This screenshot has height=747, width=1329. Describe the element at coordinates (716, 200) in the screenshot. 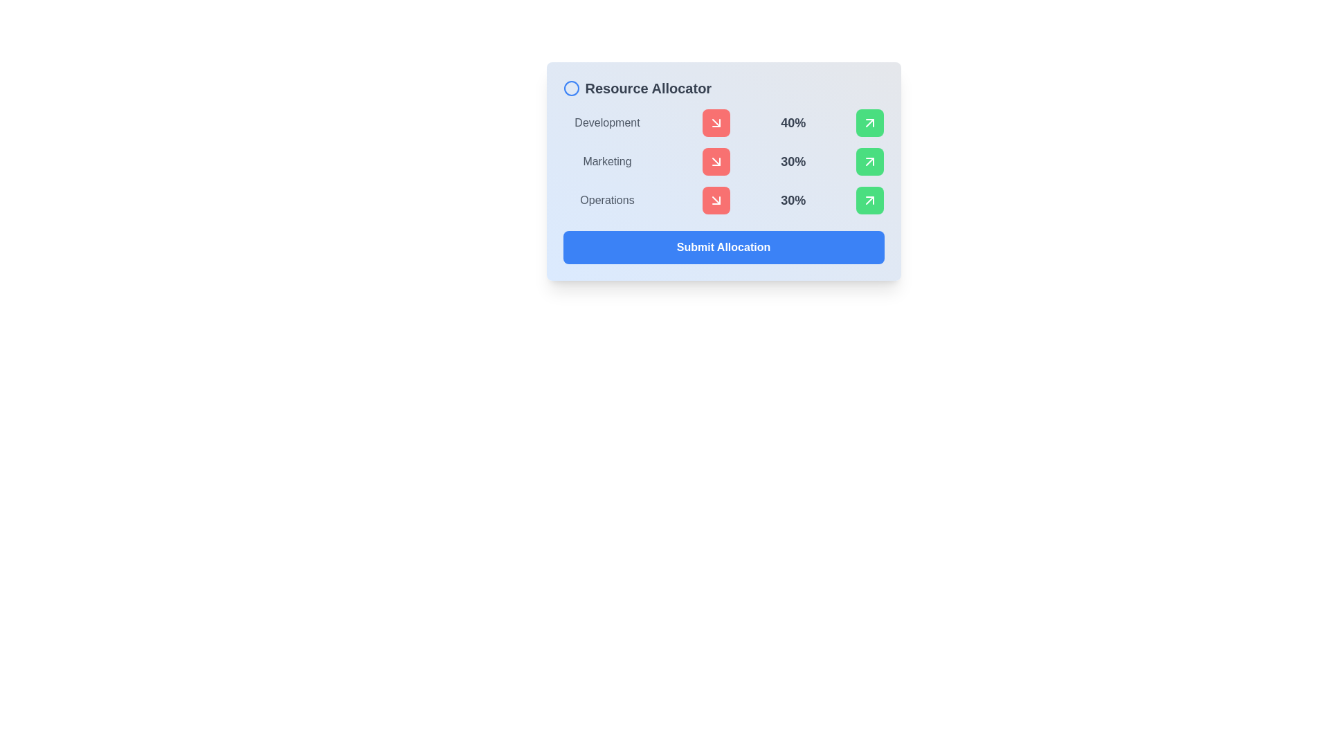

I see `the third red button that serves as a decrease button for the 'Operations' category` at that location.